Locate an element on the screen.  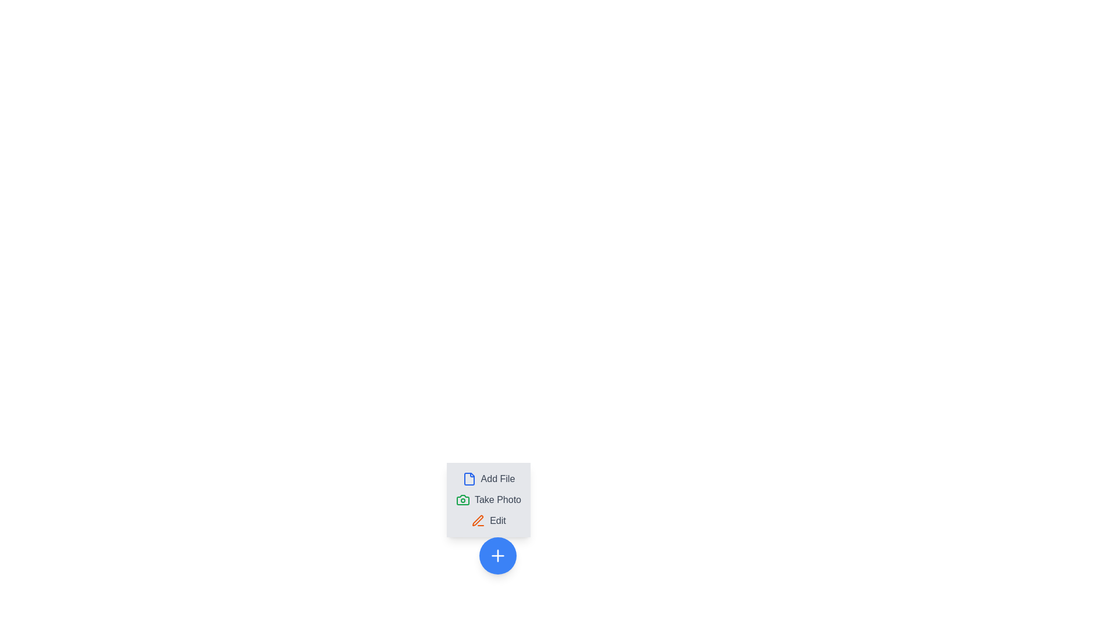
the text label displaying 'Add File' styled in gray font, which is positioned to the right of a blue file icon is located at coordinates (497, 479).